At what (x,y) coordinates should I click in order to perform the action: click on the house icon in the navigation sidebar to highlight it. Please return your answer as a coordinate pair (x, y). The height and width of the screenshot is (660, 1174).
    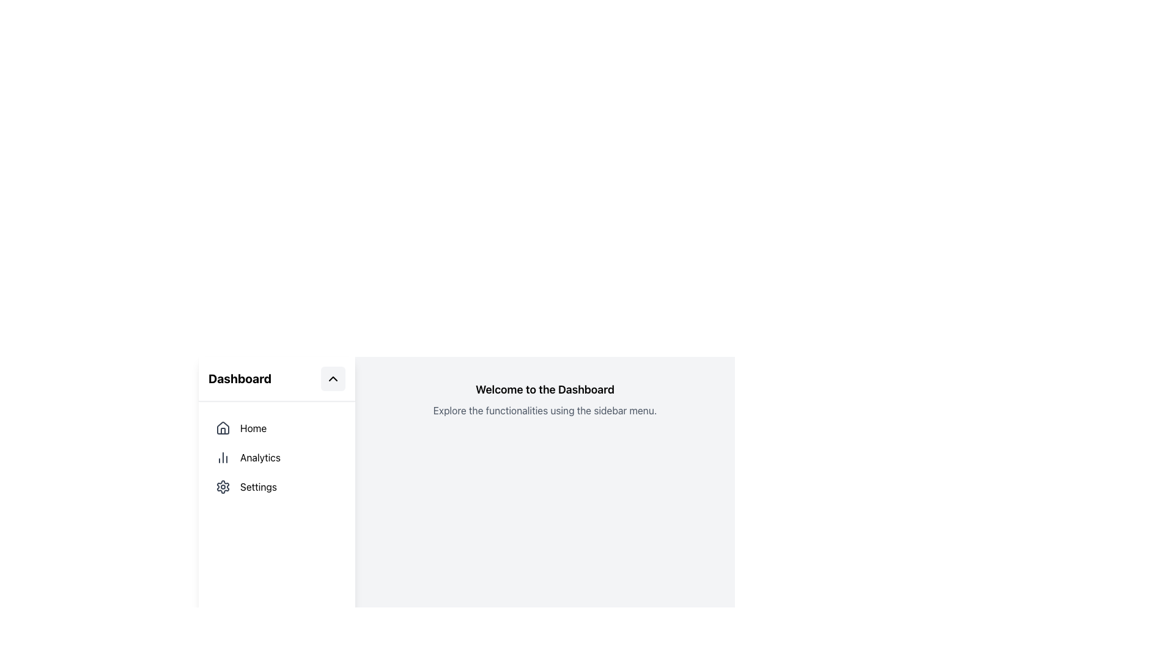
    Looking at the image, I should click on (223, 428).